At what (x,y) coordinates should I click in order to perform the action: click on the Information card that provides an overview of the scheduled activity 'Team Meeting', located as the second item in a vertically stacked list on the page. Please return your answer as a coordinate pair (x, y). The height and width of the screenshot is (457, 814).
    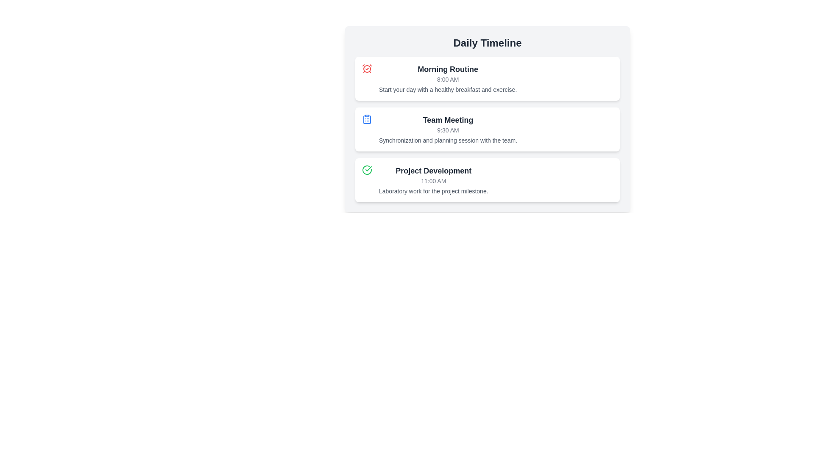
    Looking at the image, I should click on (488, 119).